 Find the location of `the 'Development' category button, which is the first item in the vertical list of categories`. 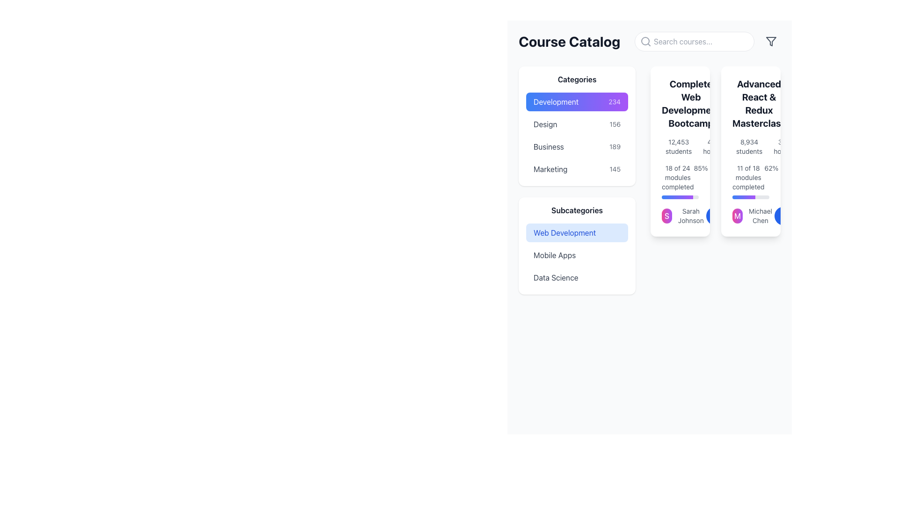

the 'Development' category button, which is the first item in the vertical list of categories is located at coordinates (576, 102).